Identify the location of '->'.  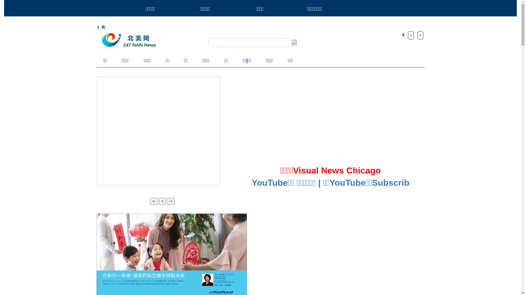
(170, 201).